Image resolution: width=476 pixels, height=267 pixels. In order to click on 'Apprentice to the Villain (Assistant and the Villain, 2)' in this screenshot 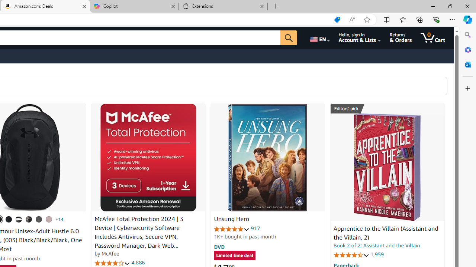, I will do `click(386, 233)`.